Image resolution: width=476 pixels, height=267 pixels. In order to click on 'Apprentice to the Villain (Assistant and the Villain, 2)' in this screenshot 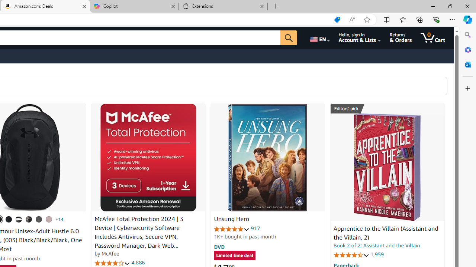, I will do `click(386, 233)`.